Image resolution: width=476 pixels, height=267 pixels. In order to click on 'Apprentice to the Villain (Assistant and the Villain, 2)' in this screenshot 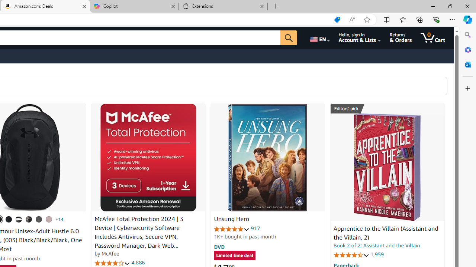, I will do `click(386, 233)`.